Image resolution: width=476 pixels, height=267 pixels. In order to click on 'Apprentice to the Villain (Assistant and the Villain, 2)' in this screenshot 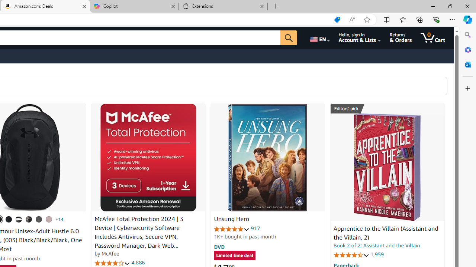, I will do `click(386, 233)`.